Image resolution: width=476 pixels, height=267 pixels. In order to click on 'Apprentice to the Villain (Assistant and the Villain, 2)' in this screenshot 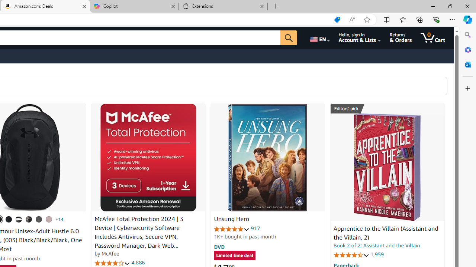, I will do `click(386, 233)`.